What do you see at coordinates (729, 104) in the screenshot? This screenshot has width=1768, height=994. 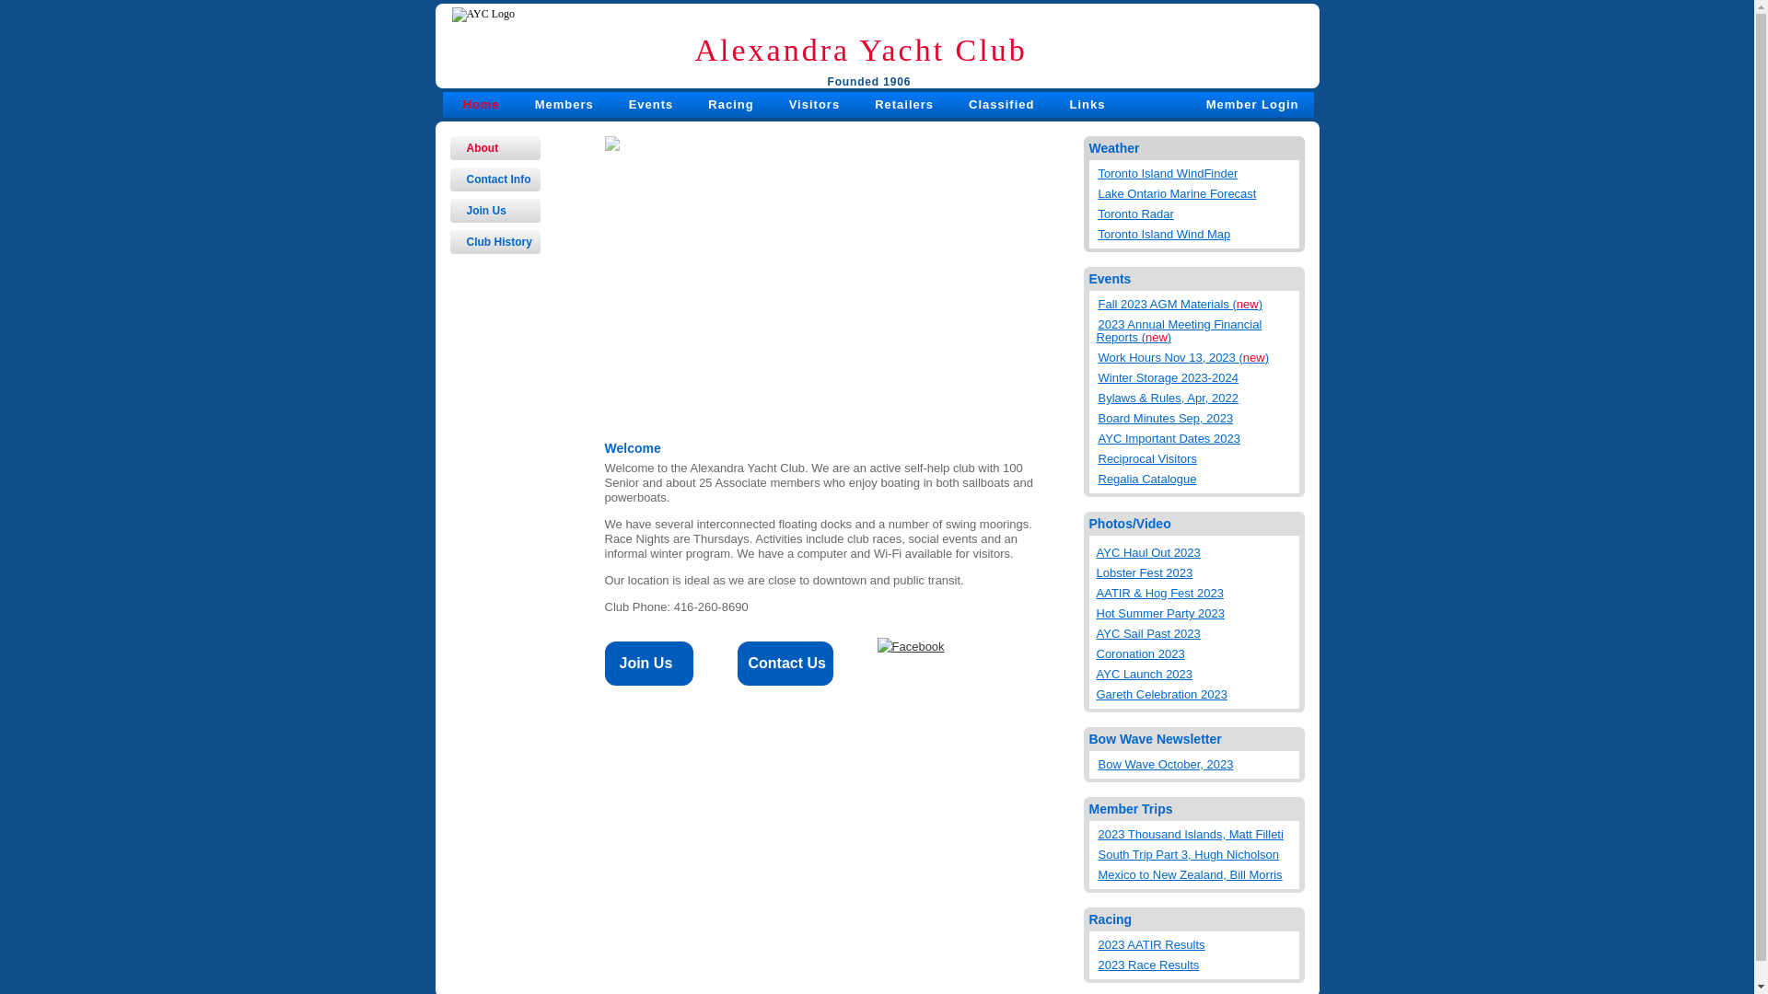 I see `'Racing'` at bounding box center [729, 104].